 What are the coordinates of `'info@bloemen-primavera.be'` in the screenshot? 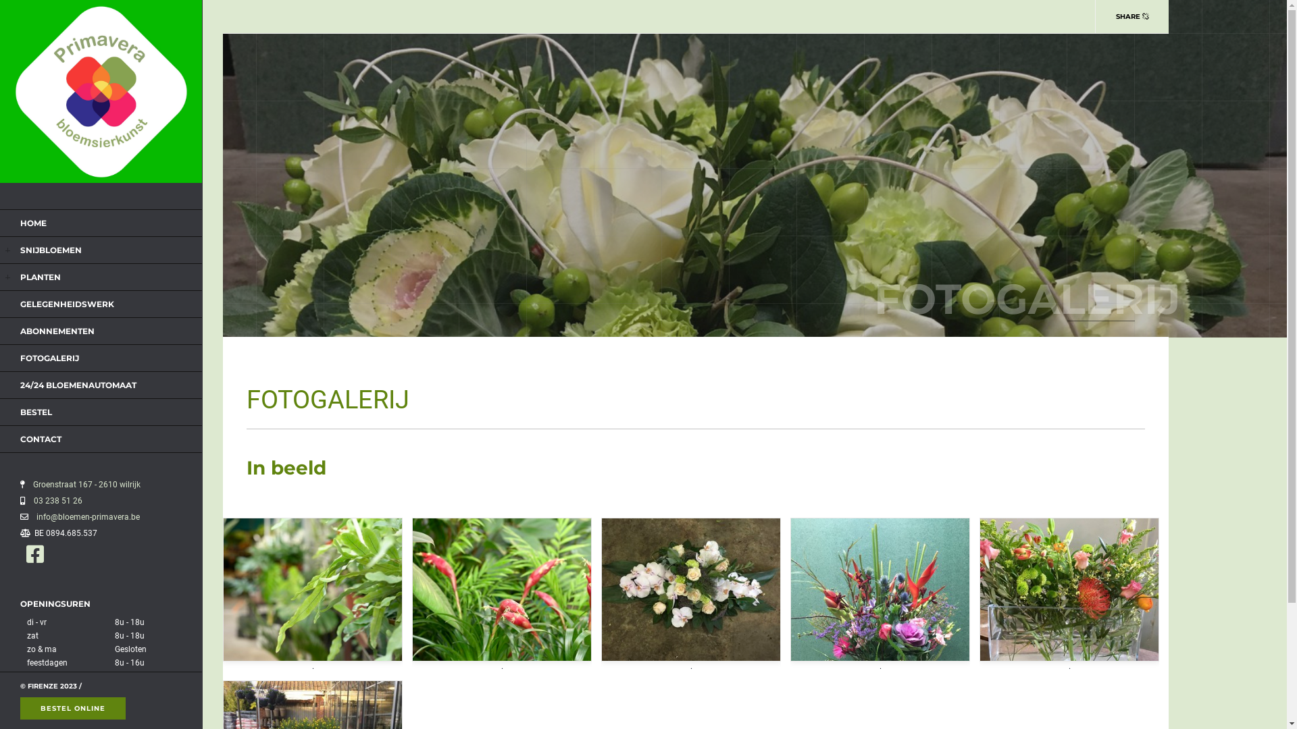 It's located at (30, 516).